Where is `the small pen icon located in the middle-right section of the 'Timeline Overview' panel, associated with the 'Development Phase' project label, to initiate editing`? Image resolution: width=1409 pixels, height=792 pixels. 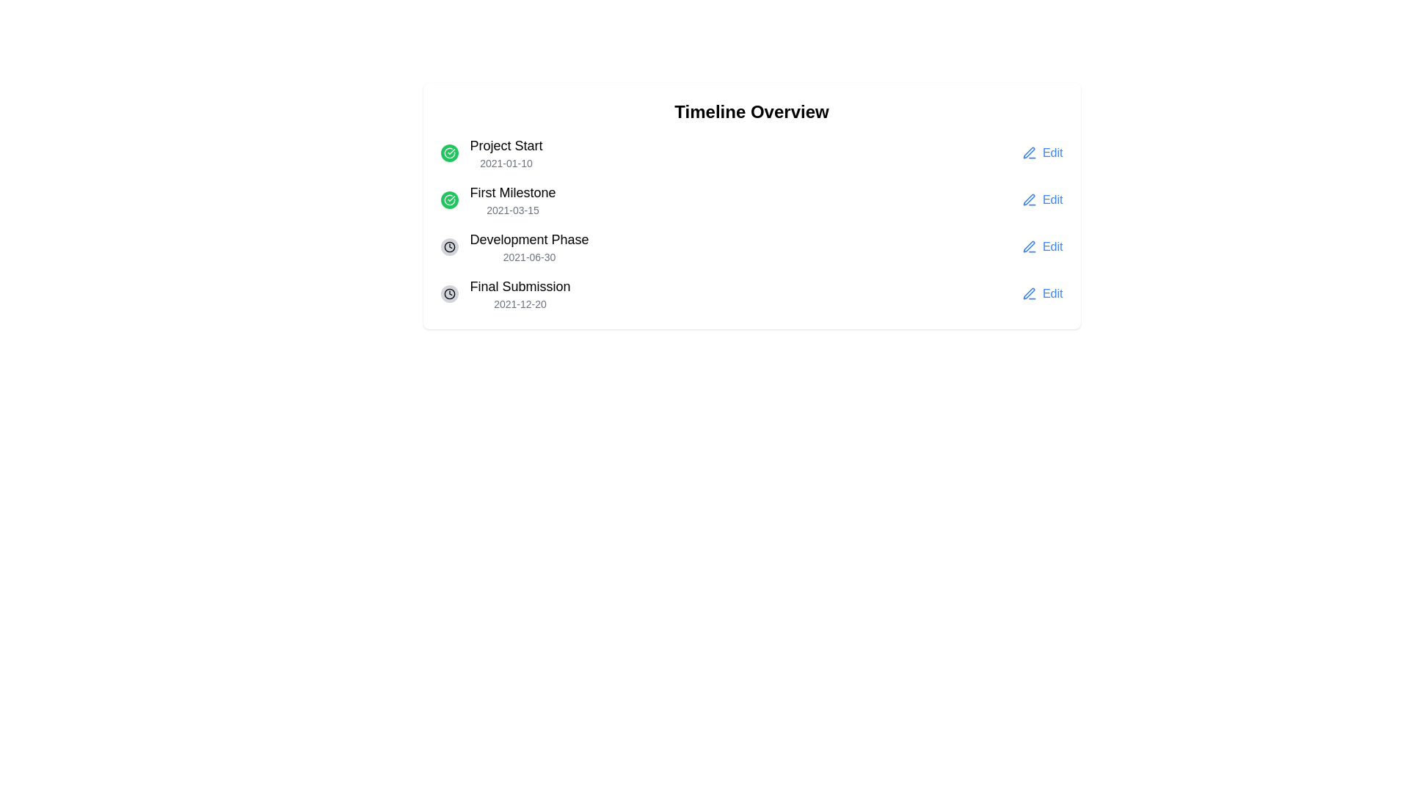 the small pen icon located in the middle-right section of the 'Timeline Overview' panel, associated with the 'Development Phase' project label, to initiate editing is located at coordinates (1028, 246).